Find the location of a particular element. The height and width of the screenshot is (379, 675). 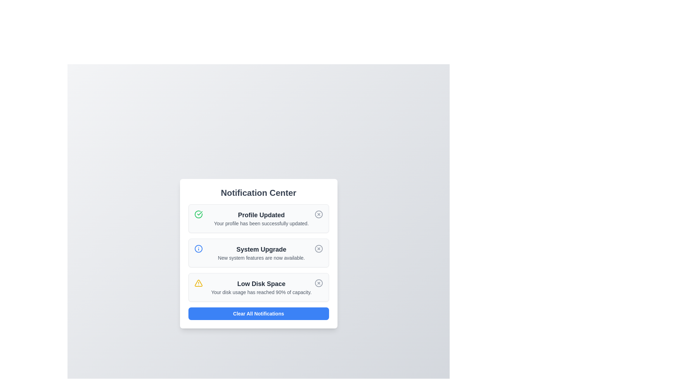

the Notification Card that informs the user about the successful update of their profile, located at the top of the Notification Center interface is located at coordinates (258, 218).